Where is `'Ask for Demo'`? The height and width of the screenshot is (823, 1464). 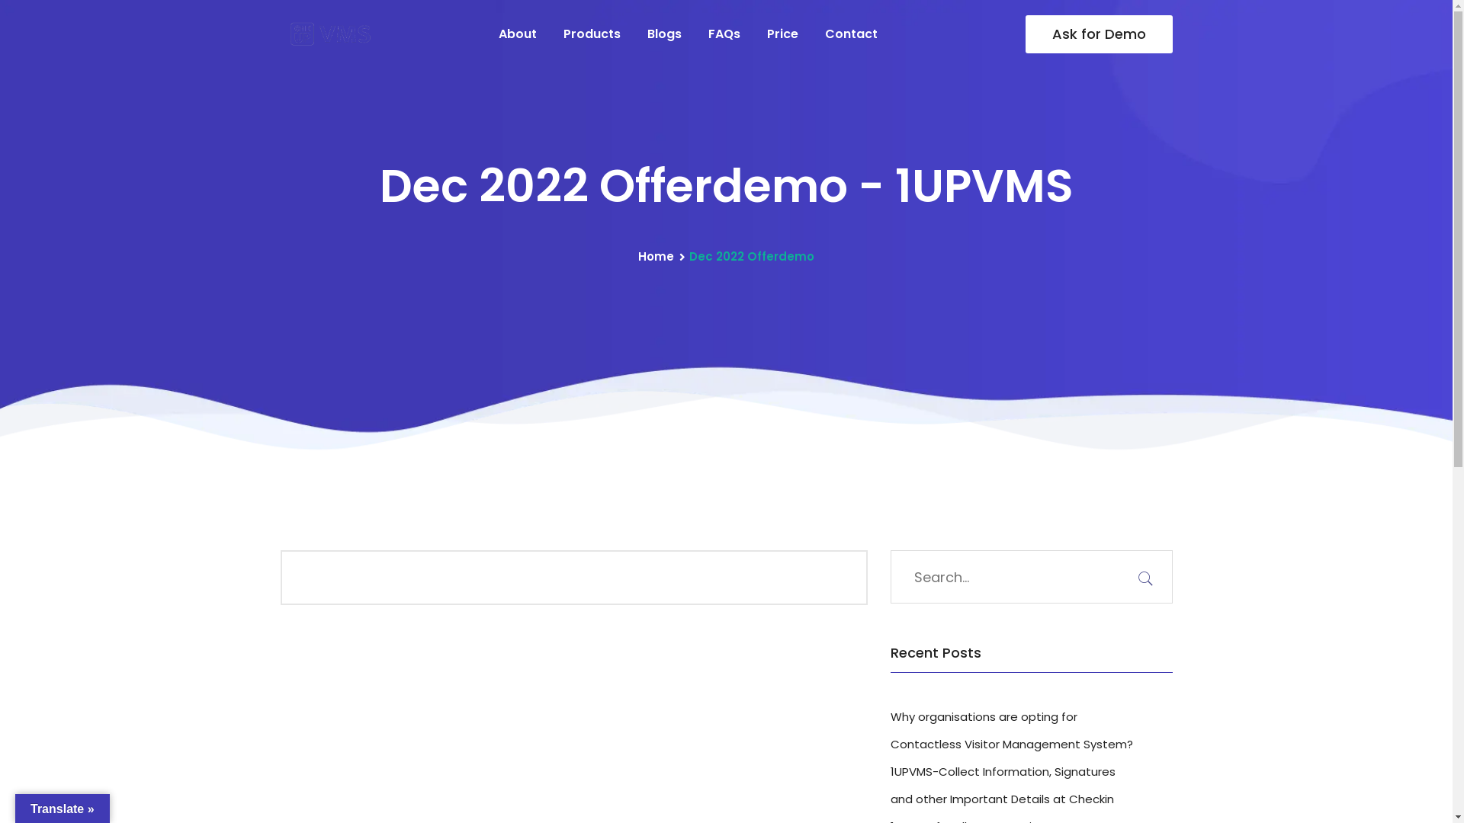
'Ask for Demo' is located at coordinates (1025, 34).